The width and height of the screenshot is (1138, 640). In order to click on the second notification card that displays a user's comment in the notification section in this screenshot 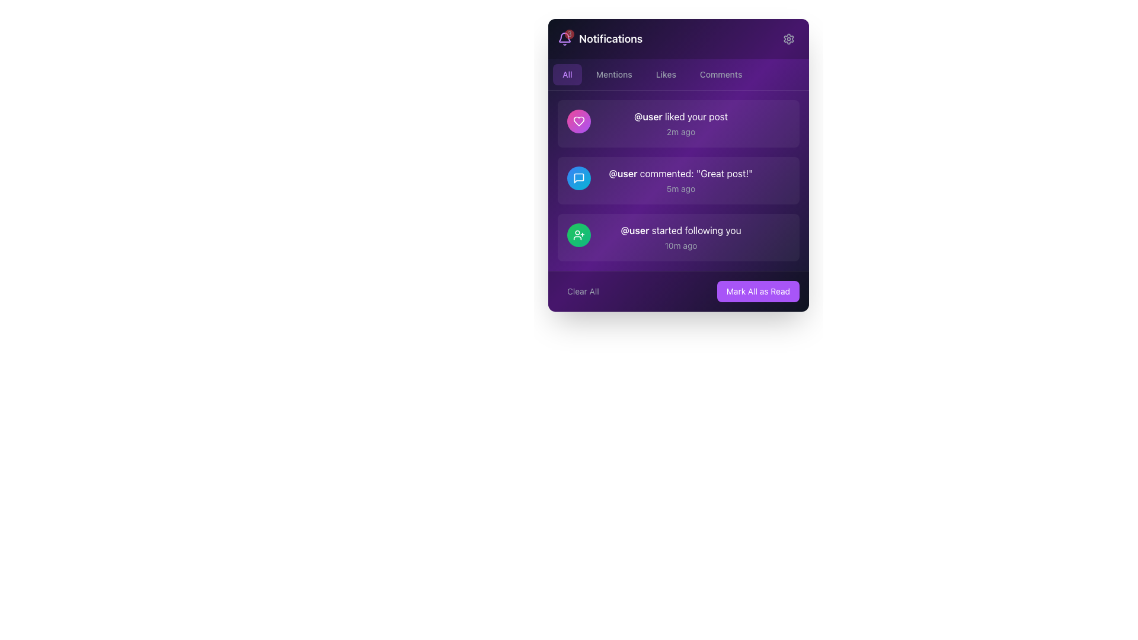, I will do `click(679, 165)`.